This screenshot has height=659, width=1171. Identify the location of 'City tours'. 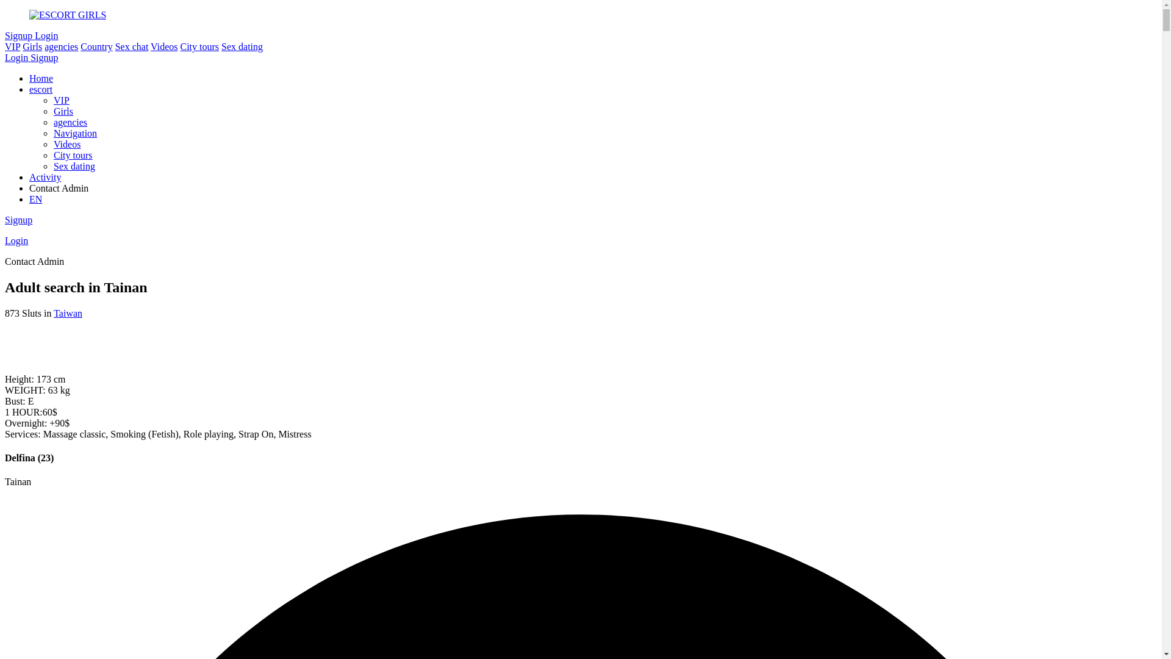
(73, 154).